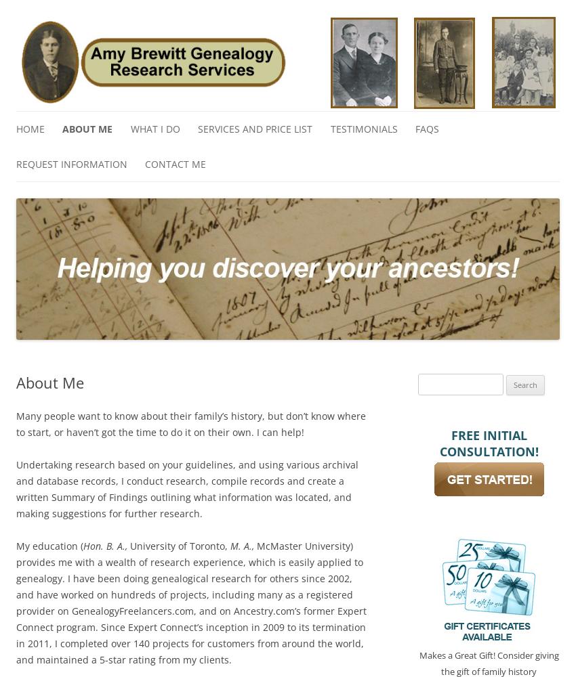 The image size is (576, 677). Describe the element at coordinates (70, 162) in the screenshot. I see `'Request Information'` at that location.